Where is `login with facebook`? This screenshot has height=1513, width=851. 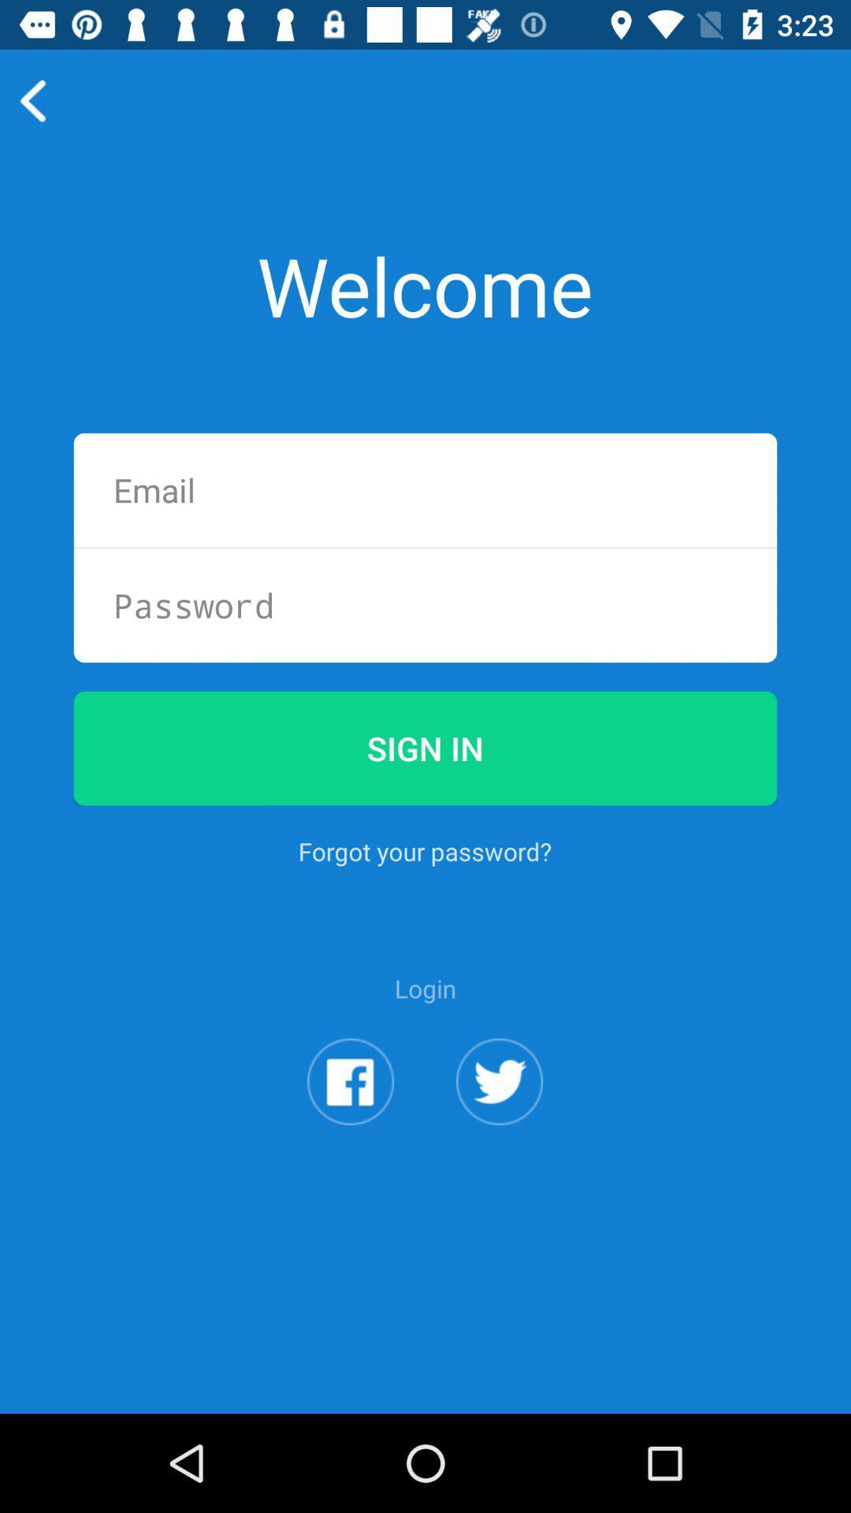 login with facebook is located at coordinates (350, 1080).